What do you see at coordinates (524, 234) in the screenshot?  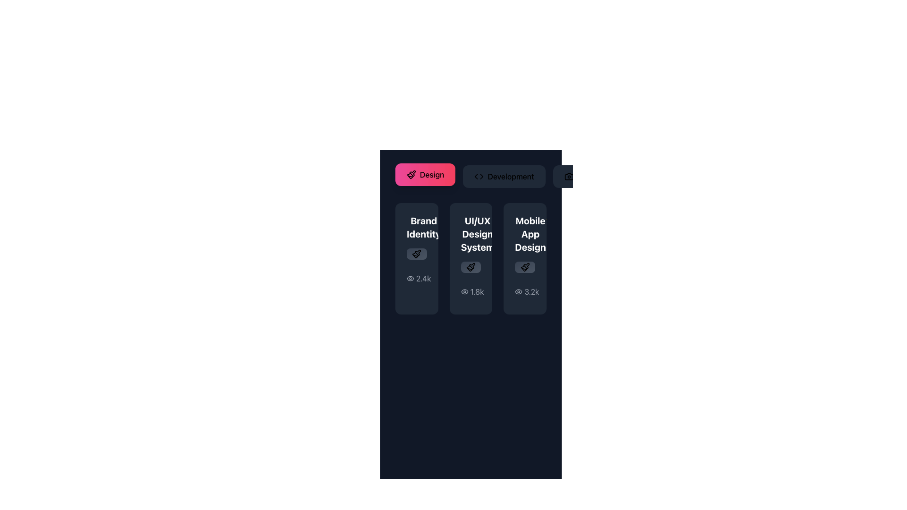 I see `the Visual Data Display that shows the title 'Mobile App Design' and its rating value, located in the third column of the card layout under the 'Design' category` at bounding box center [524, 234].